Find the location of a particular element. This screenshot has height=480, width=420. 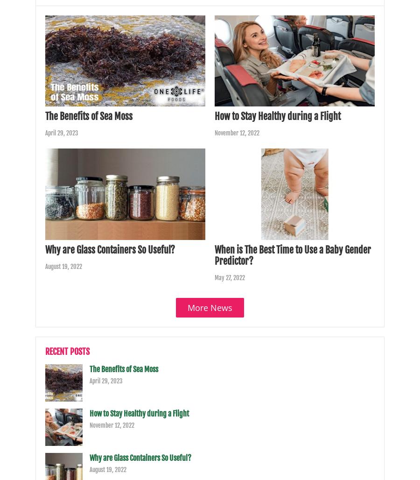

'May 27, 2022' is located at coordinates (229, 276).